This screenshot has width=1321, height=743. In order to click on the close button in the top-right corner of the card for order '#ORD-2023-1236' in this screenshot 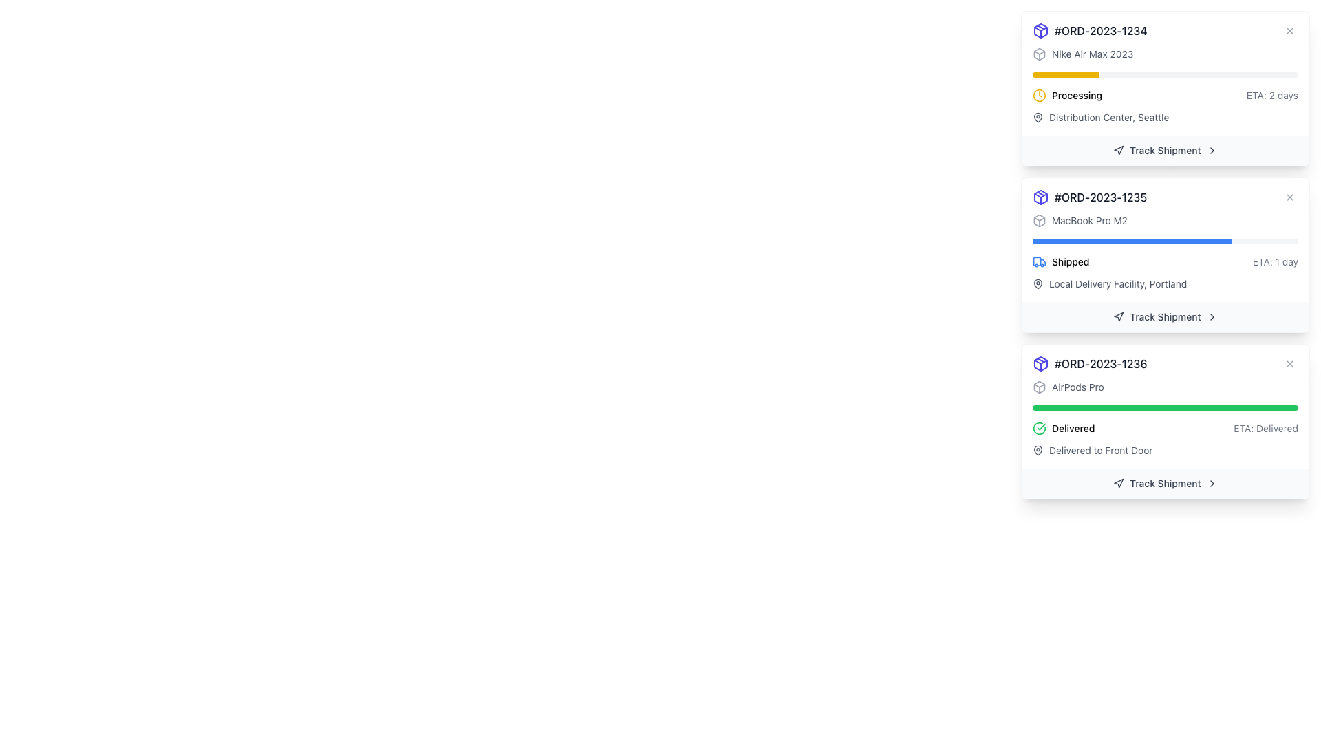, I will do `click(1289, 363)`.